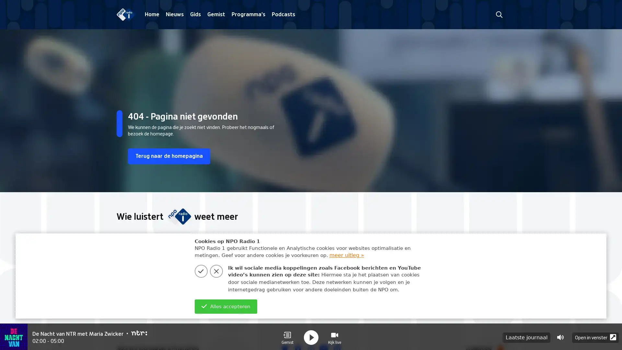 This screenshot has height=350, width=622. Describe the element at coordinates (172, 157) in the screenshot. I see `Terug naar de homepagina` at that location.